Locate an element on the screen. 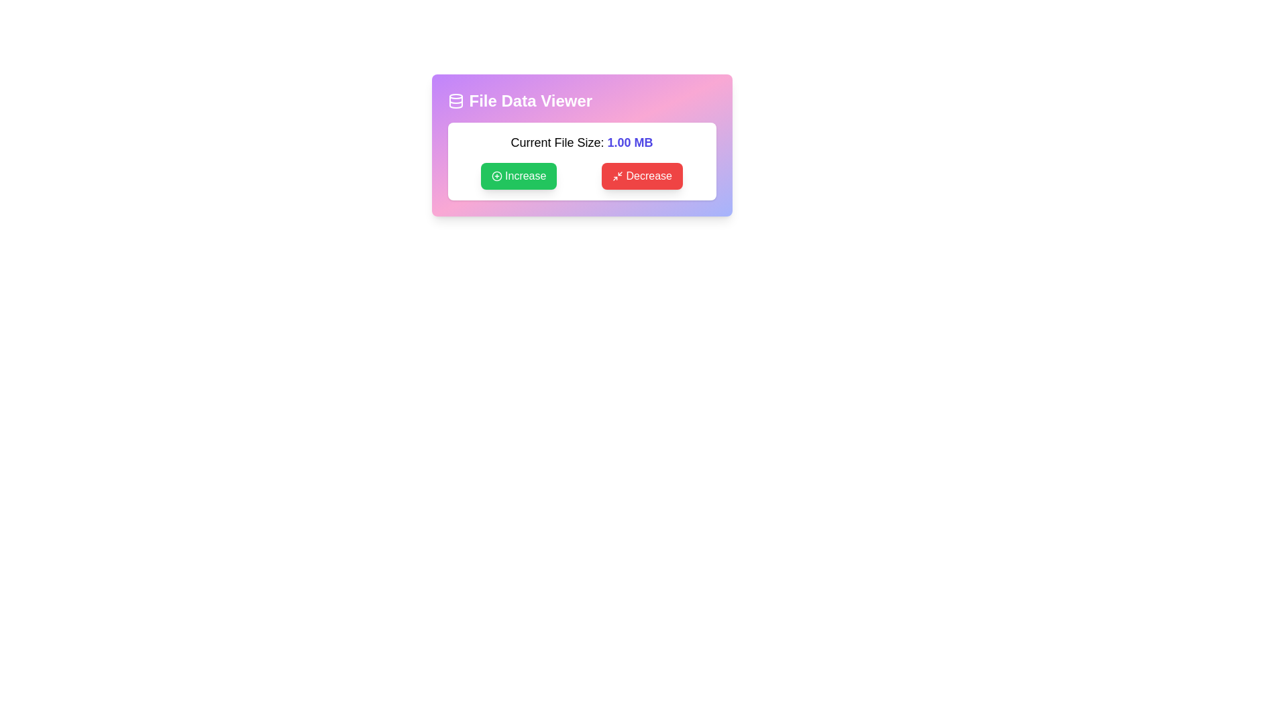  the database icon located to the left of the 'File Data Viewer' title, which visually represents the database concept is located at coordinates (455, 100).